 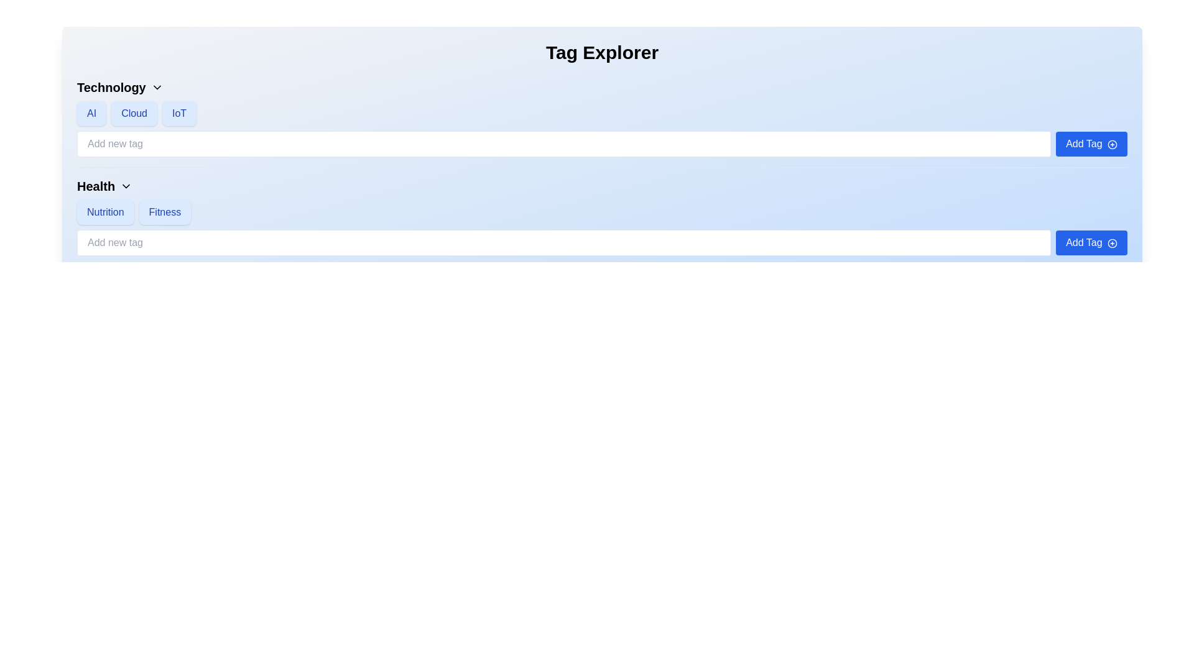 What do you see at coordinates (164, 212) in the screenshot?
I see `the button-like label that filters the 'Fitness' category, which is the second button under the 'Health' category, positioned immediately to the right of the 'Nutrition' button` at bounding box center [164, 212].